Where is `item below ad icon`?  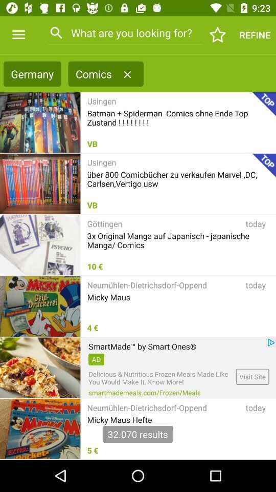 item below ad icon is located at coordinates (160, 377).